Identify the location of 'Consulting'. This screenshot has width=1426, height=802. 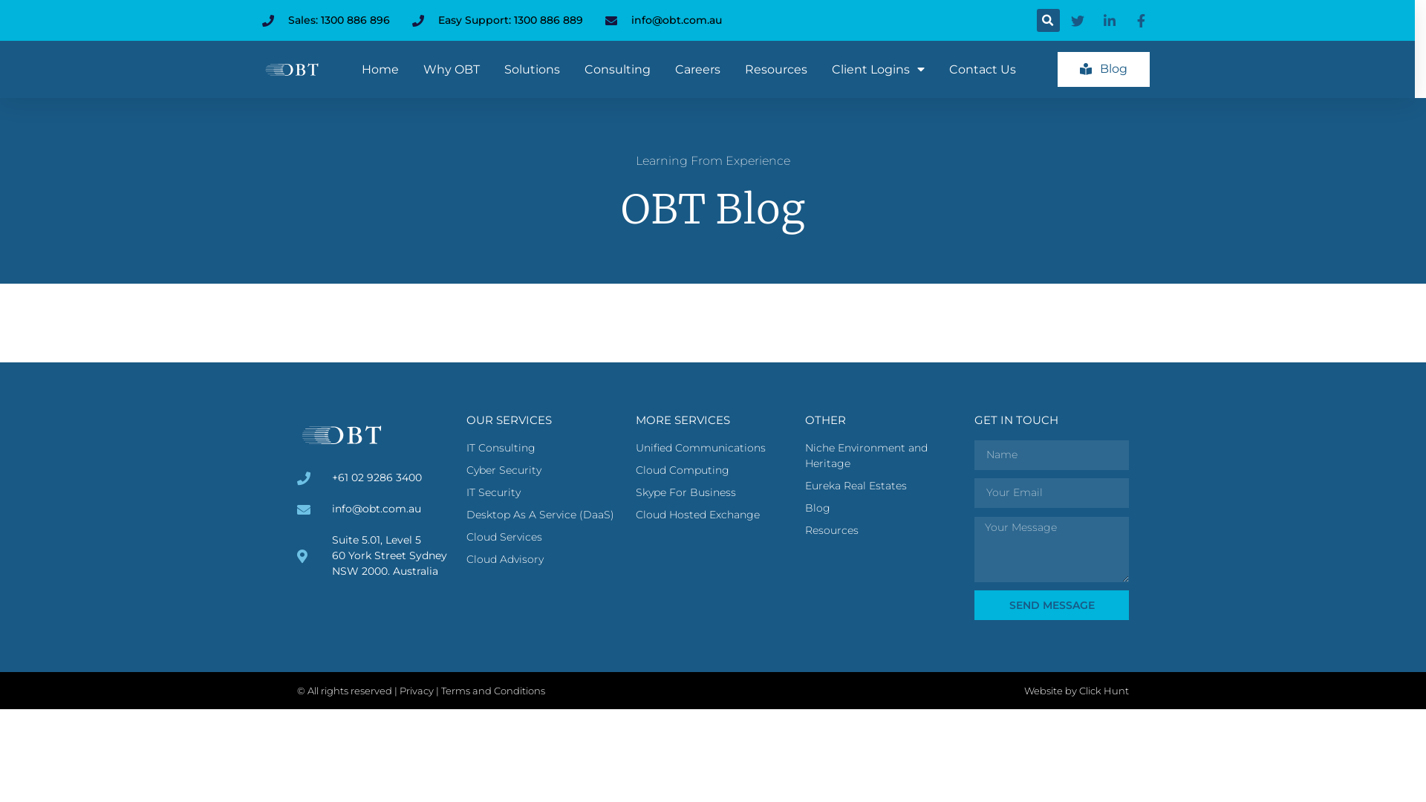
(617, 68).